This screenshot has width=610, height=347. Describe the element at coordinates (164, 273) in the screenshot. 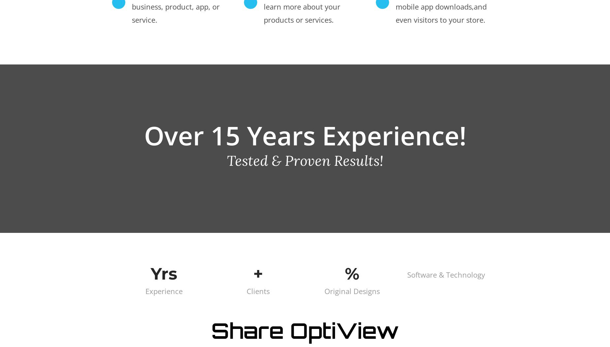

I see `'Yrs'` at that location.